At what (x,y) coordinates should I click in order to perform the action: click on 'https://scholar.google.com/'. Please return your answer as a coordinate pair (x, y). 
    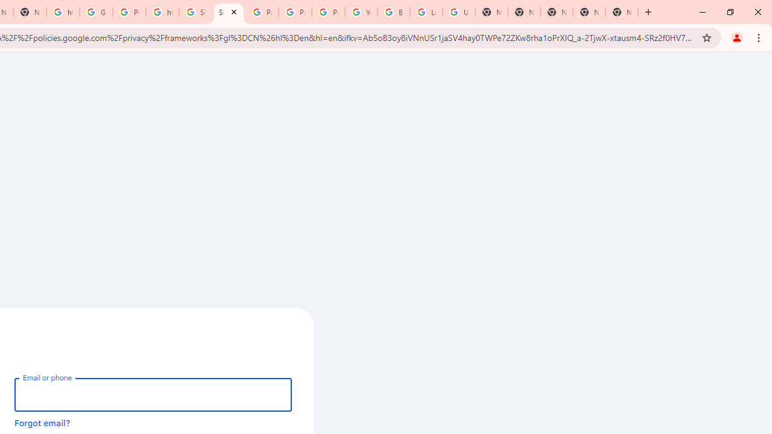
    Looking at the image, I should click on (62, 12).